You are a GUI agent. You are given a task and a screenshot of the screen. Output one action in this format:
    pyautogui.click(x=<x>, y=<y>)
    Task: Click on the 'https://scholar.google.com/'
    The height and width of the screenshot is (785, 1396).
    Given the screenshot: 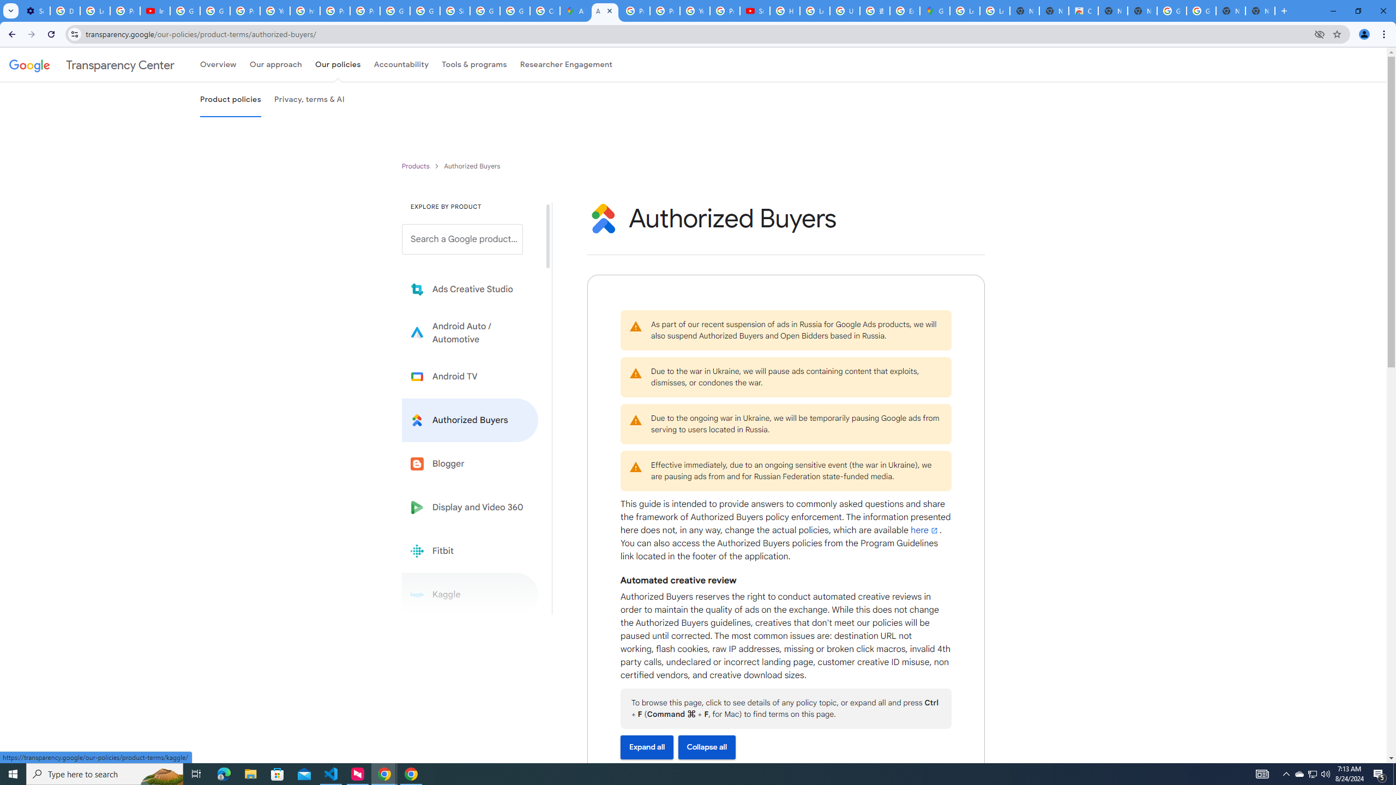 What is the action you would take?
    pyautogui.click(x=304, y=10)
    